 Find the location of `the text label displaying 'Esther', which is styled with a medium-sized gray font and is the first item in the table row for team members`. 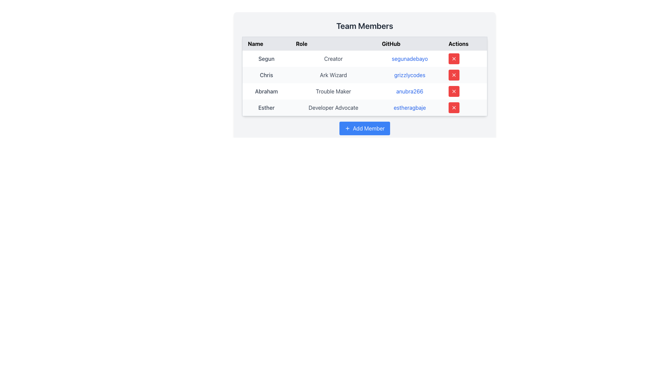

the text label displaying 'Esther', which is styled with a medium-sized gray font and is the first item in the table row for team members is located at coordinates (266, 107).